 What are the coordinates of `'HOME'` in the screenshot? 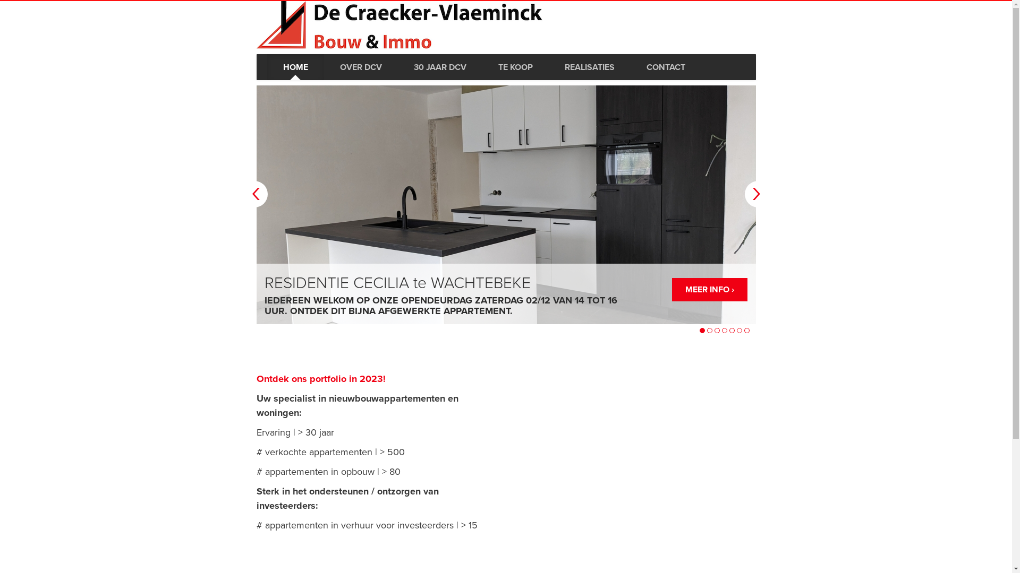 It's located at (295, 67).